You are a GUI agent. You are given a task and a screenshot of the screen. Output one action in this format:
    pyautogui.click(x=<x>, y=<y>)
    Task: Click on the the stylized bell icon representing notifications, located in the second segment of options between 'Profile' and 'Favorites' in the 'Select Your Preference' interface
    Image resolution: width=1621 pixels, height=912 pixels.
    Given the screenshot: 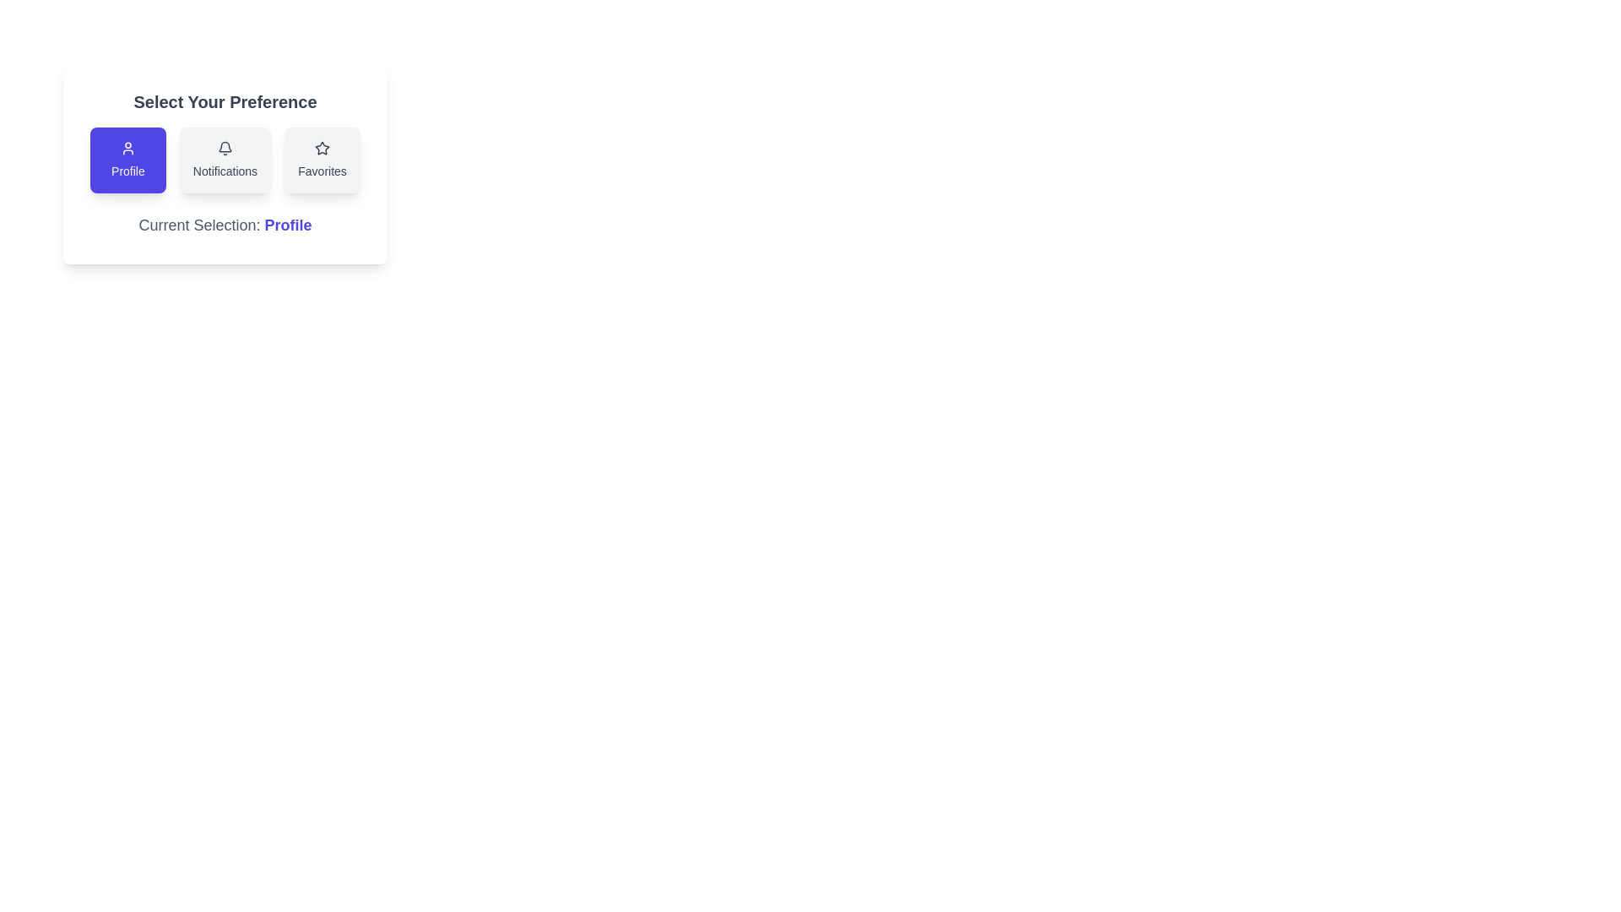 What is the action you would take?
    pyautogui.click(x=225, y=146)
    